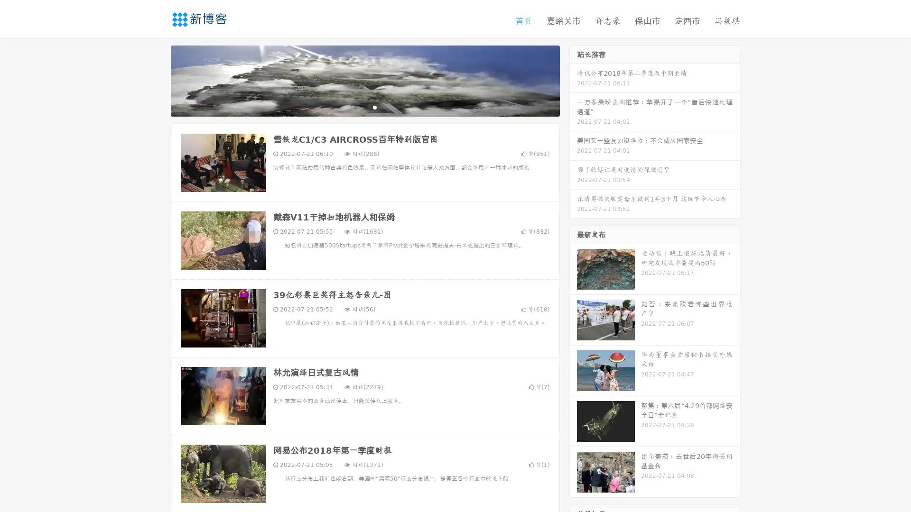 Image resolution: width=911 pixels, height=512 pixels. I want to click on Go to slide 1, so click(355, 107).